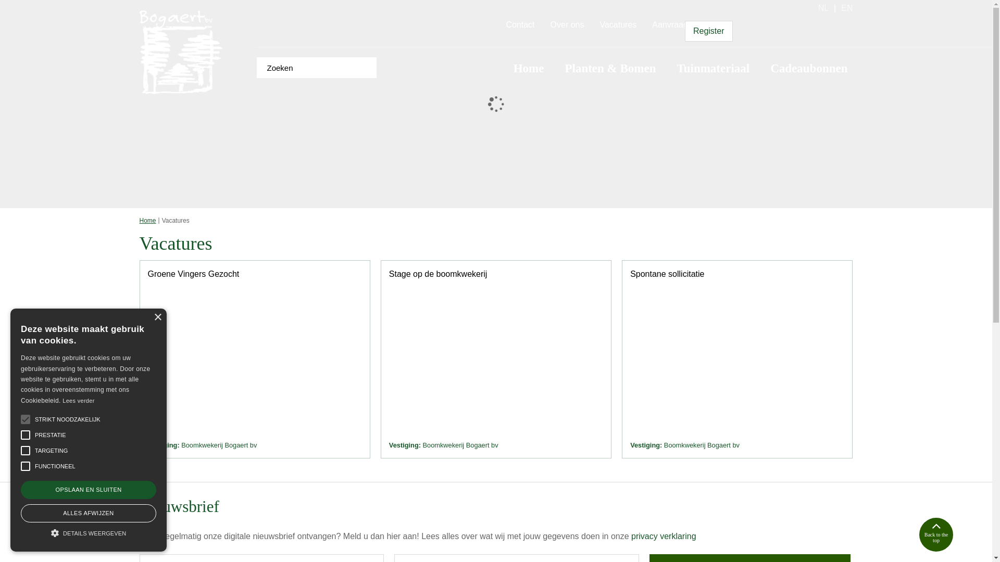  What do you see at coordinates (567, 24) in the screenshot?
I see `'Over ons'` at bounding box center [567, 24].